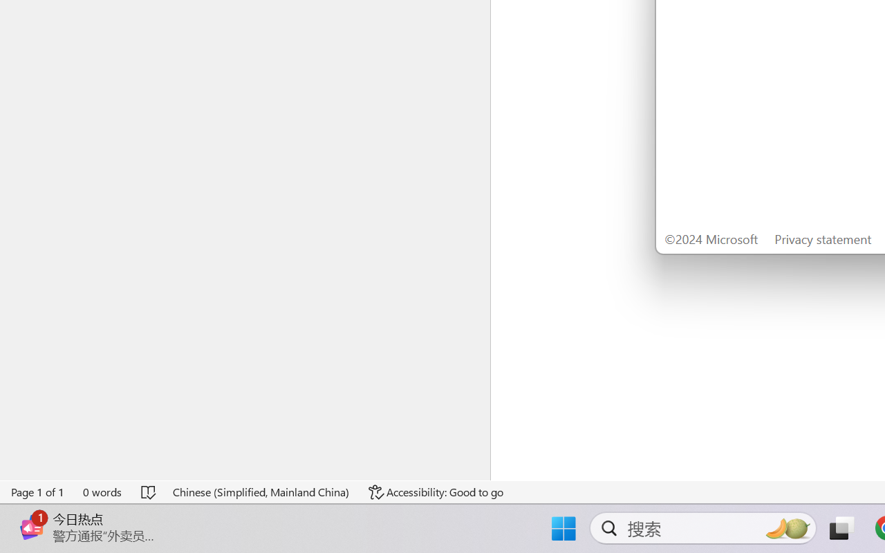 The height and width of the screenshot is (553, 885). What do you see at coordinates (261, 491) in the screenshot?
I see `'Language Chinese (Simplified, Mainland China)'` at bounding box center [261, 491].